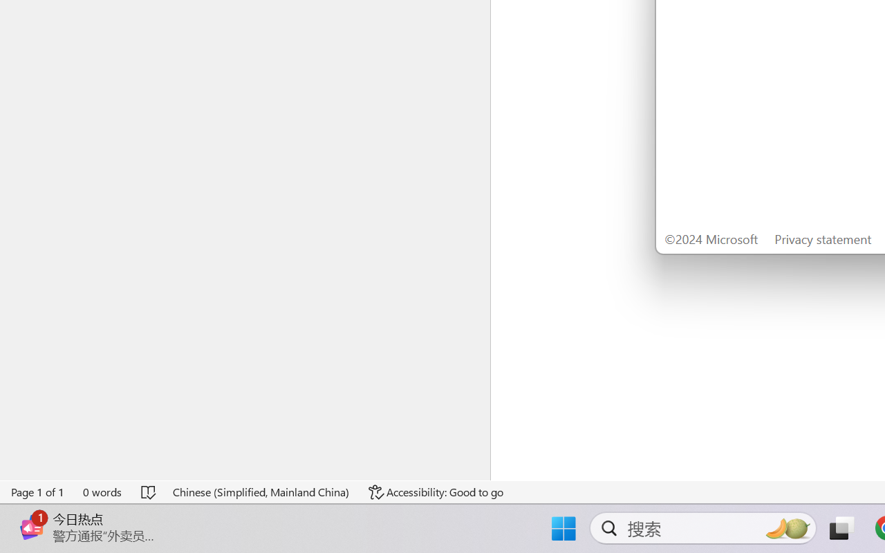 The height and width of the screenshot is (553, 885). What do you see at coordinates (261, 491) in the screenshot?
I see `'Language Chinese (Simplified, Mainland China)'` at bounding box center [261, 491].